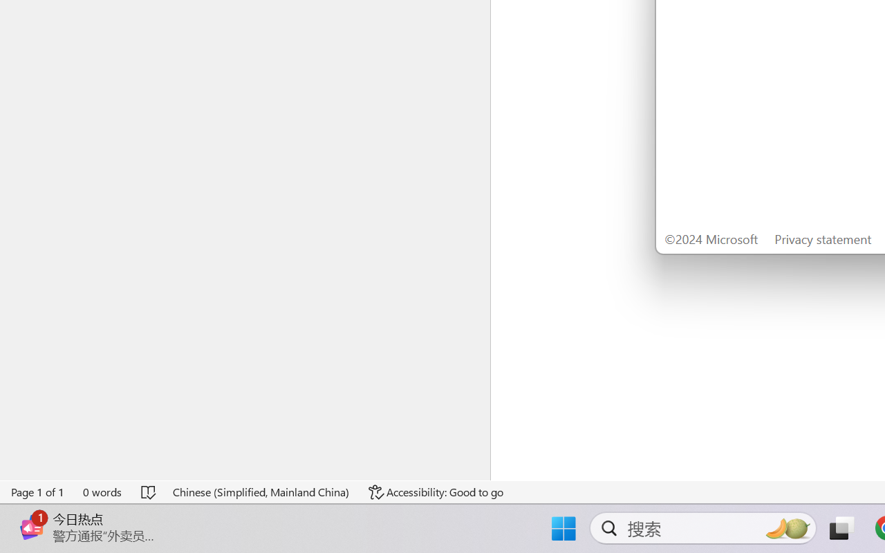 The height and width of the screenshot is (553, 885). What do you see at coordinates (261, 491) in the screenshot?
I see `'Language Chinese (Simplified, Mainland China)'` at bounding box center [261, 491].